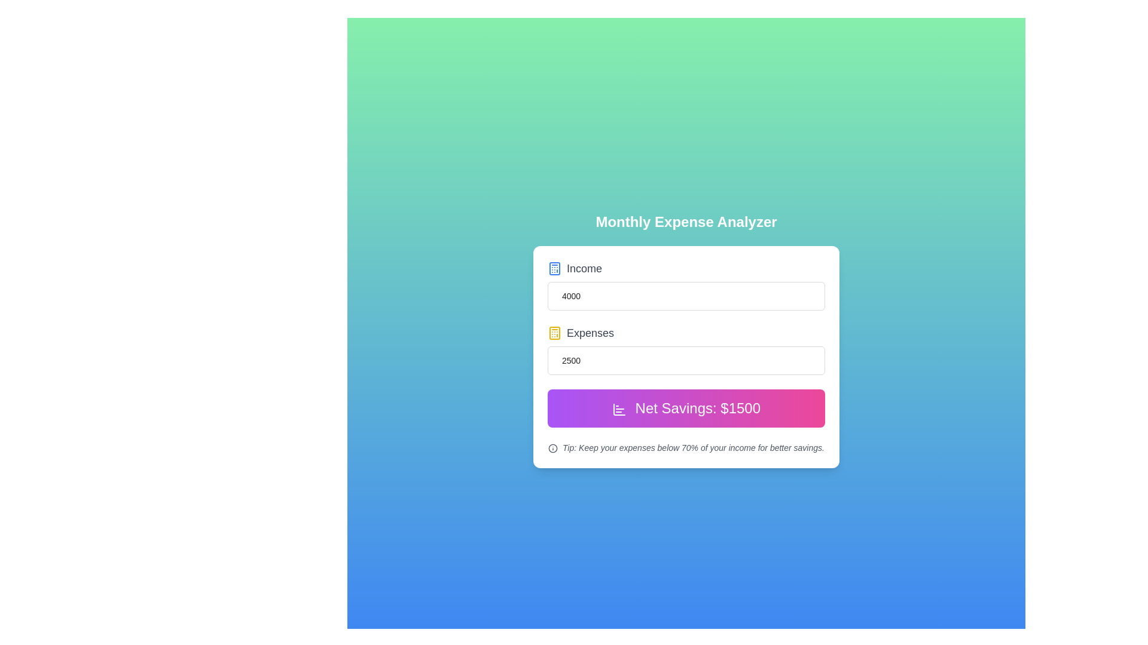 This screenshot has width=1148, height=645. I want to click on the visual appearance of the icon located to the left of the tip text 'Tip: Keep your expenses below 70% of your income for better savings.' in the bottom section of the content box, so click(552, 449).